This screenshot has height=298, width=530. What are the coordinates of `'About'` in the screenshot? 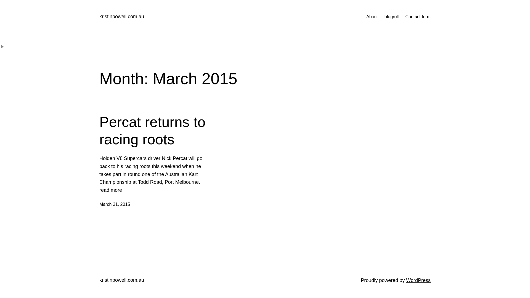 It's located at (372, 17).